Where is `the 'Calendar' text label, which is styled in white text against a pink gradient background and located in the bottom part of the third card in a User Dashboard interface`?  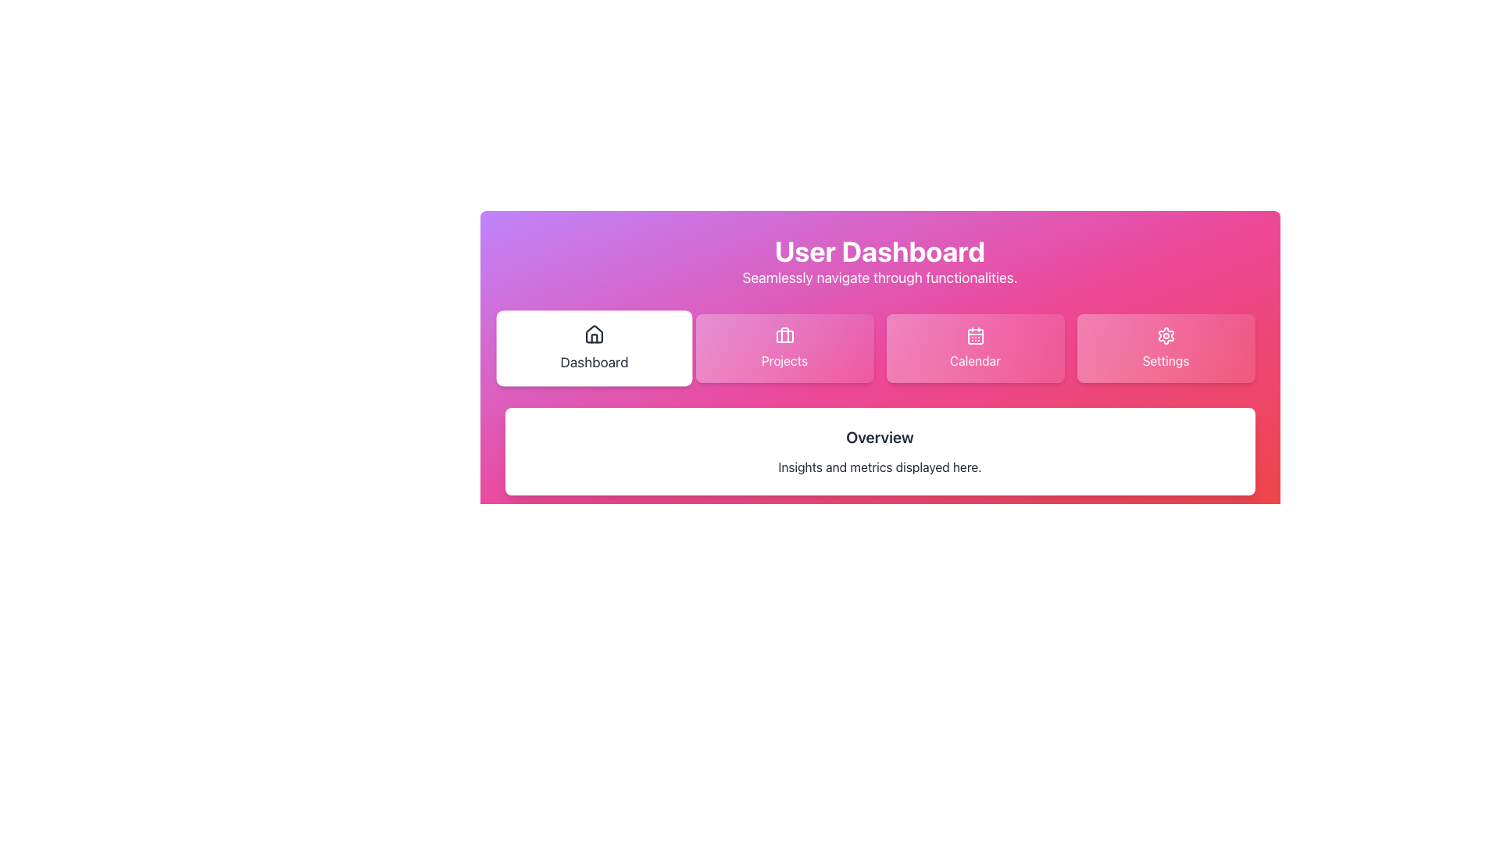 the 'Calendar' text label, which is styled in white text against a pink gradient background and located in the bottom part of the third card in a User Dashboard interface is located at coordinates (974, 361).